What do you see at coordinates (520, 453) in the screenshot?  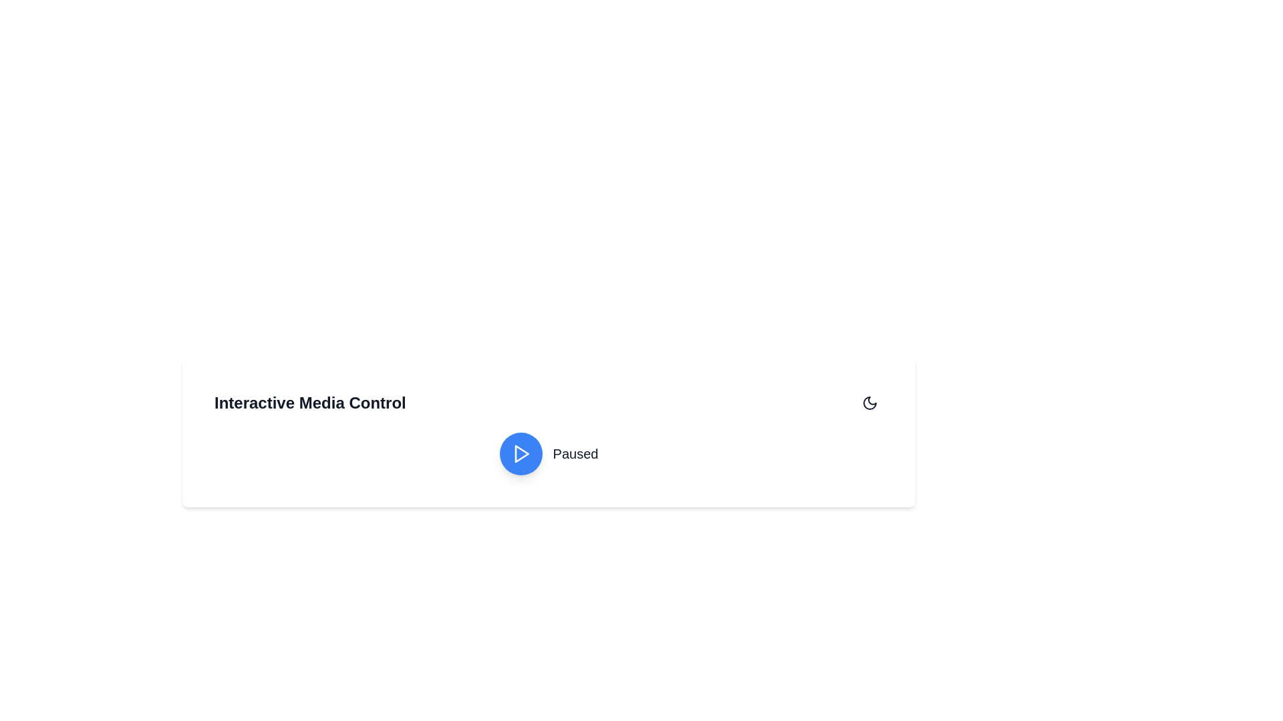 I see `the circular play button located as the first interactive element in the media interface` at bounding box center [520, 453].